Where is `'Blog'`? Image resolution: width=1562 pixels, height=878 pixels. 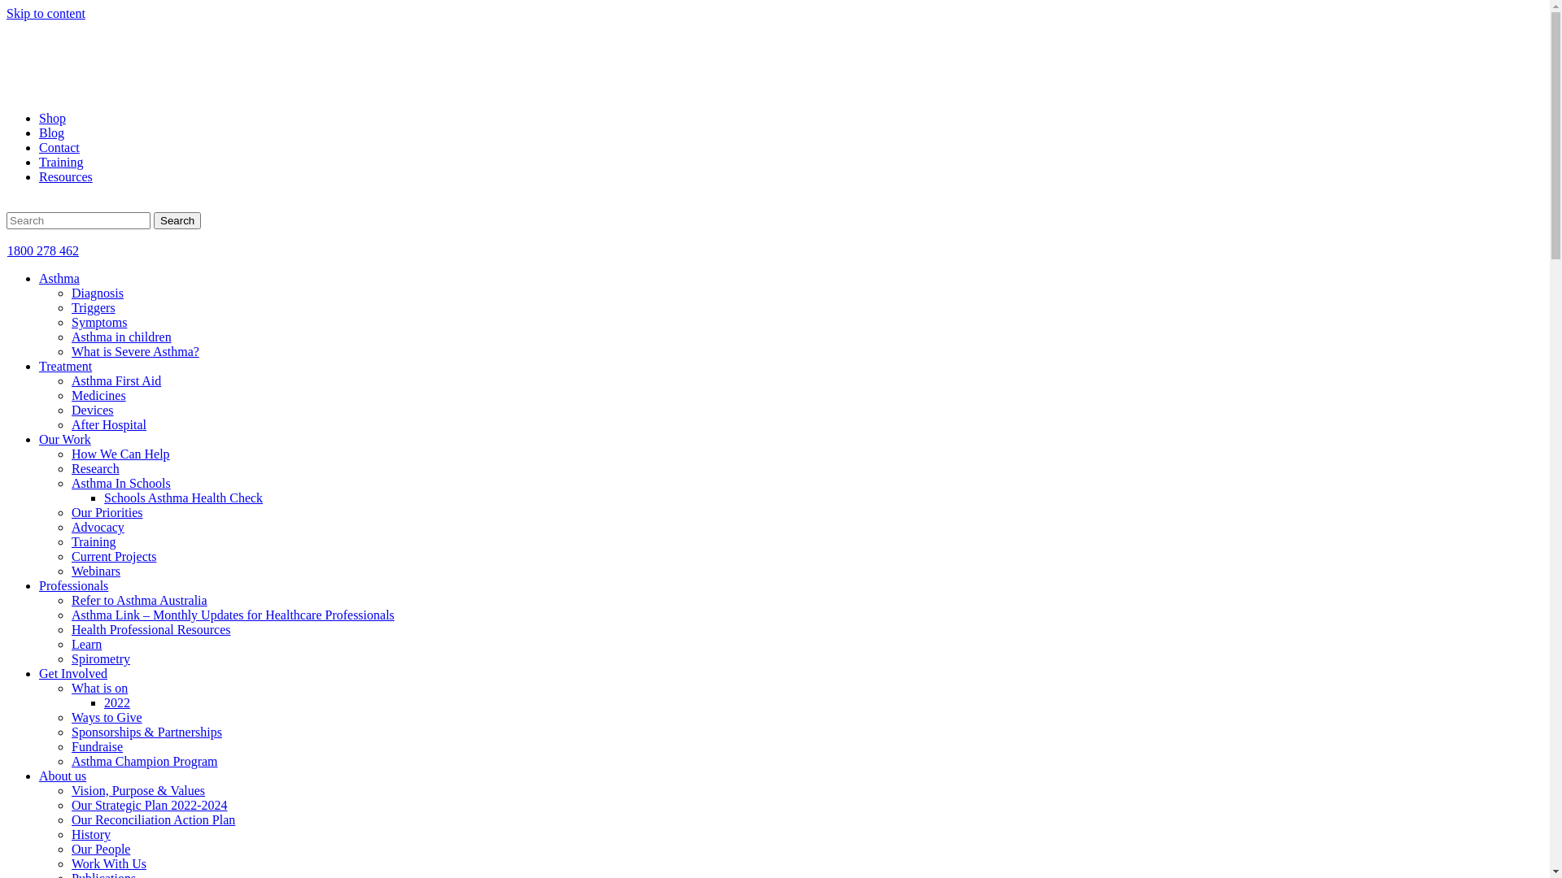
'Blog' is located at coordinates (51, 132).